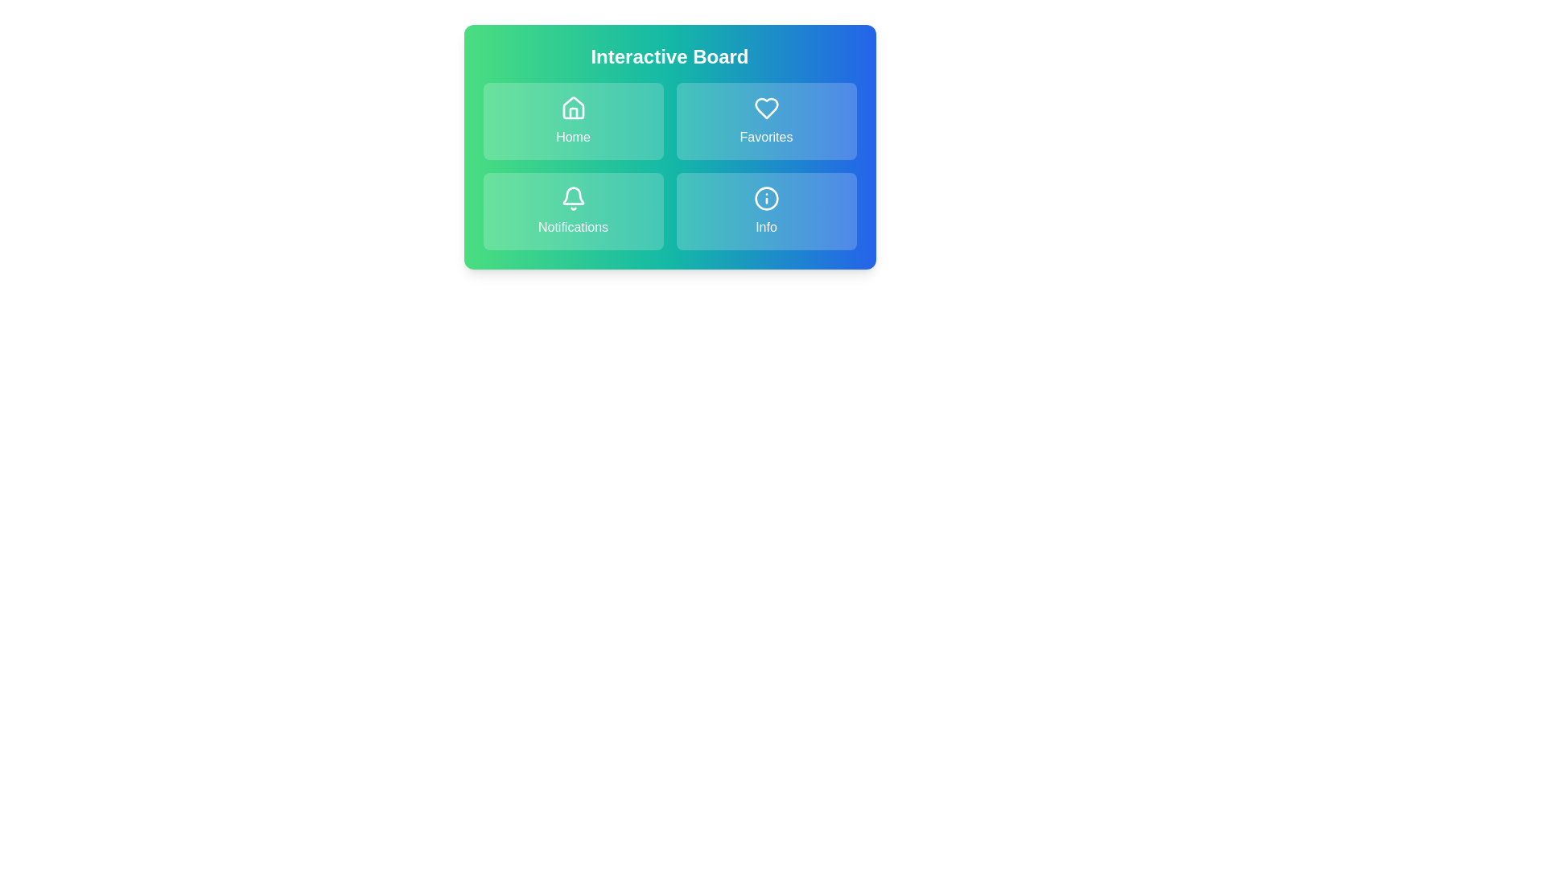  Describe the element at coordinates (573, 210) in the screenshot. I see `the 'Notifications' button located in the bottom-left corner of the interface` at that location.